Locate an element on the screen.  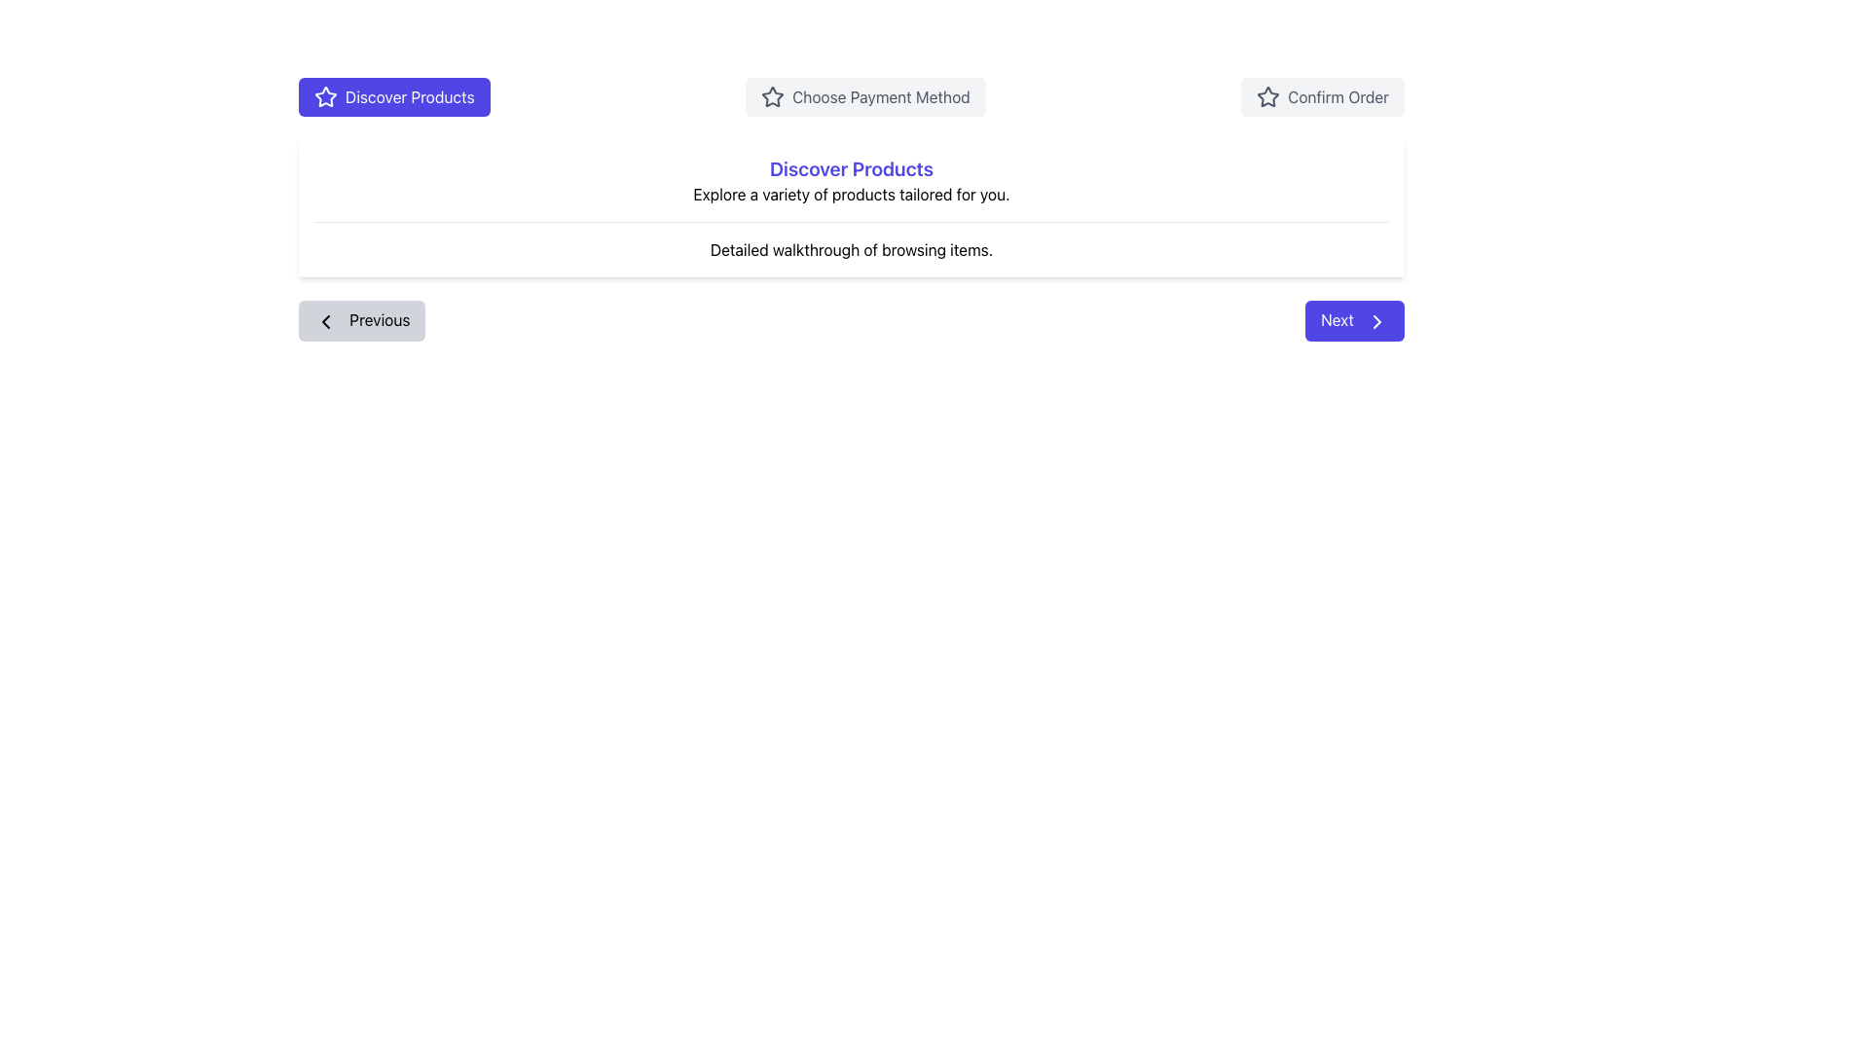
the gray 'Previous' button with a leftward arrow icon located on the left side of the bottom navigation bar is located at coordinates (362, 319).